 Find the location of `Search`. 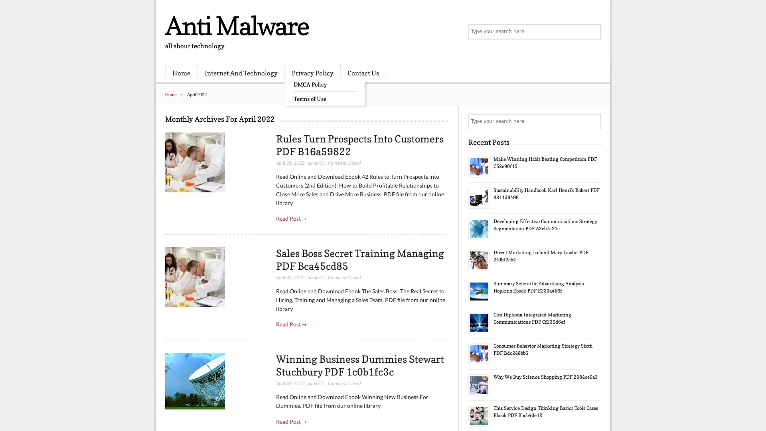

Search is located at coordinates (592, 32).